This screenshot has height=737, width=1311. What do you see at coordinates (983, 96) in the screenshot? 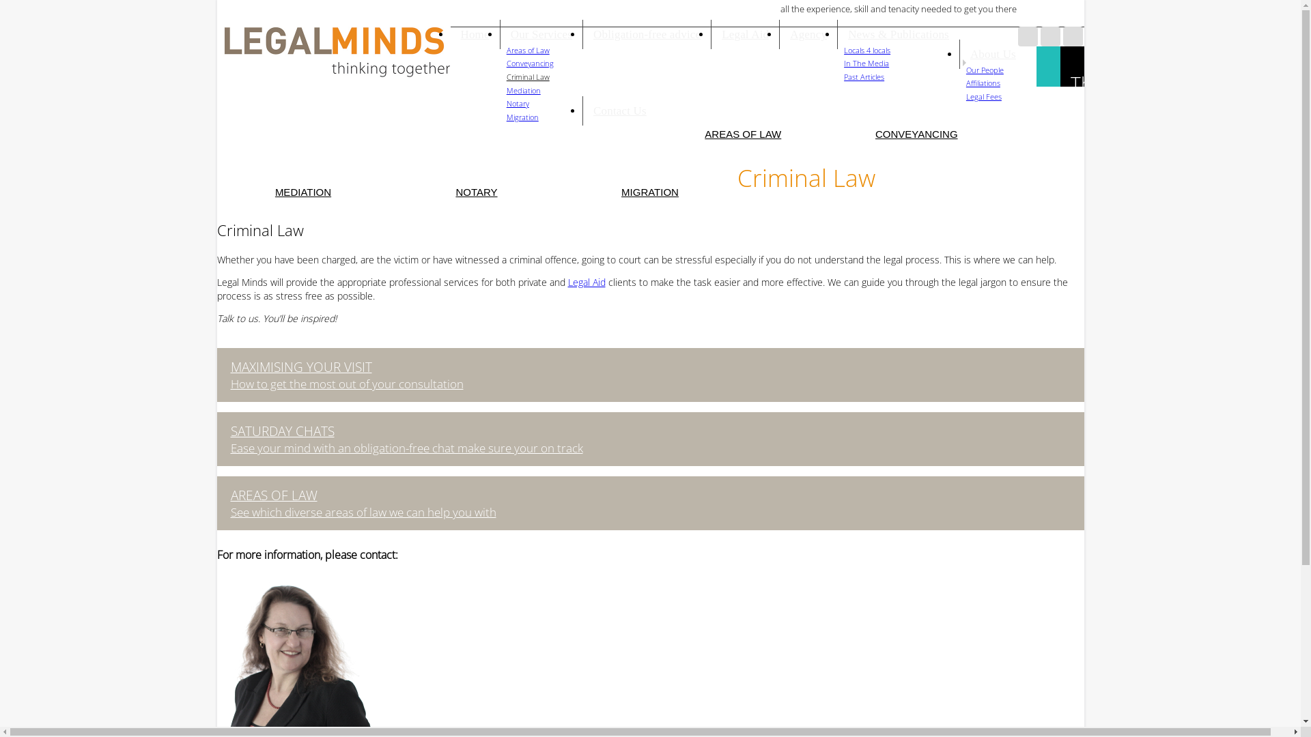
I see `'Legal Fees'` at bounding box center [983, 96].